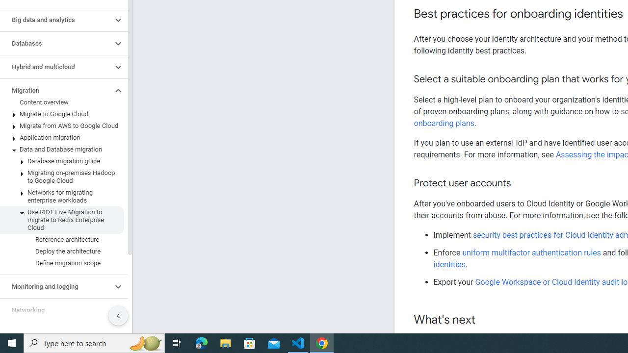  What do you see at coordinates (61, 102) in the screenshot?
I see `'Content overview'` at bounding box center [61, 102].